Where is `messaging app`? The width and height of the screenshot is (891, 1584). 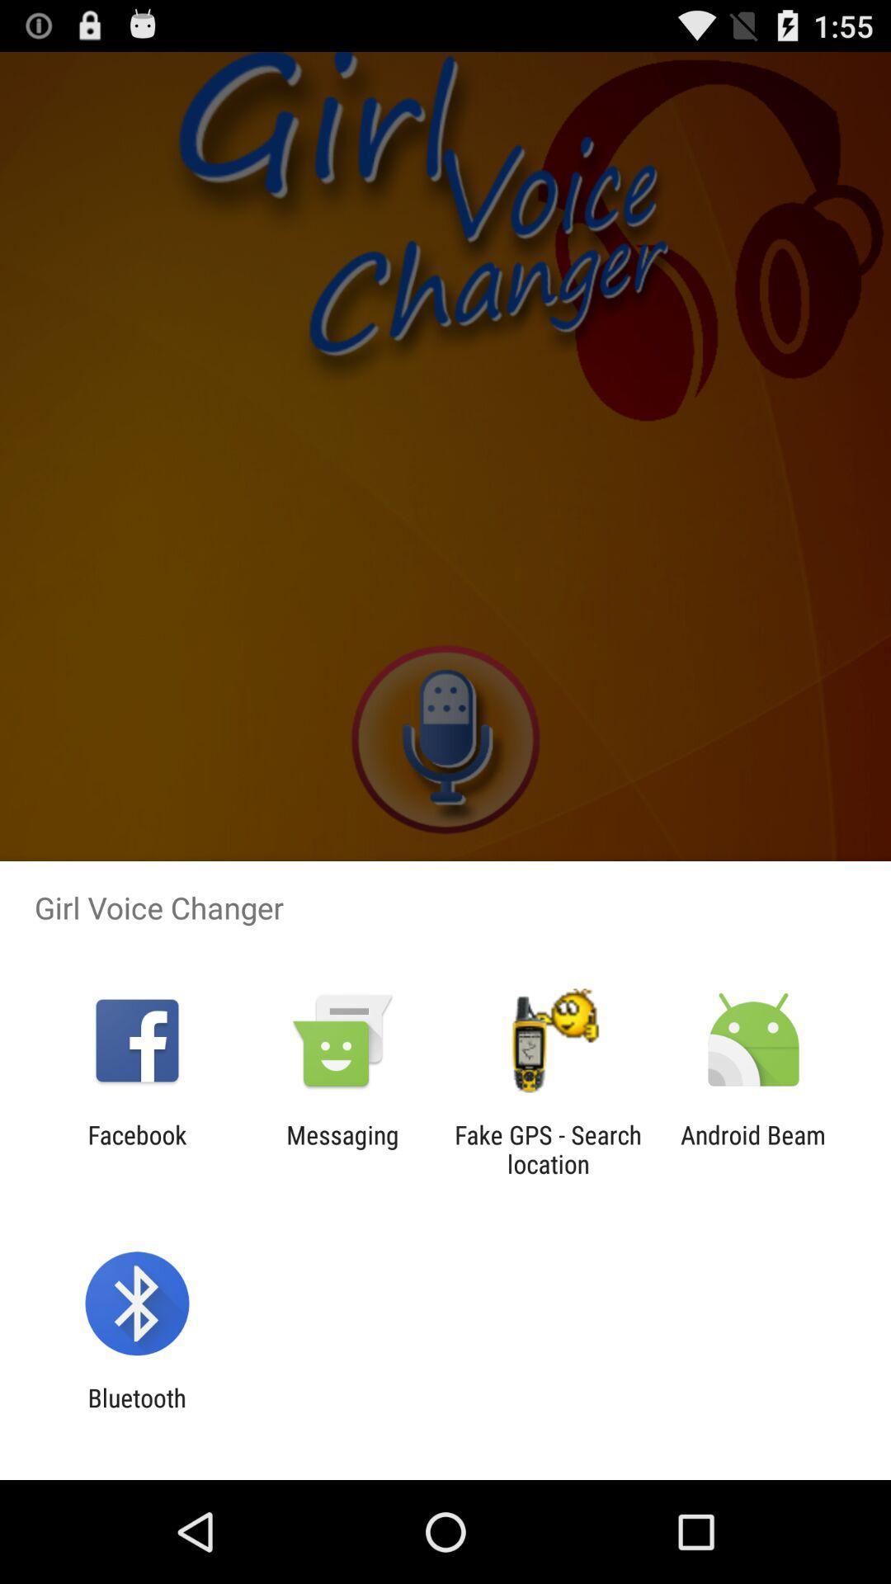 messaging app is located at coordinates (342, 1148).